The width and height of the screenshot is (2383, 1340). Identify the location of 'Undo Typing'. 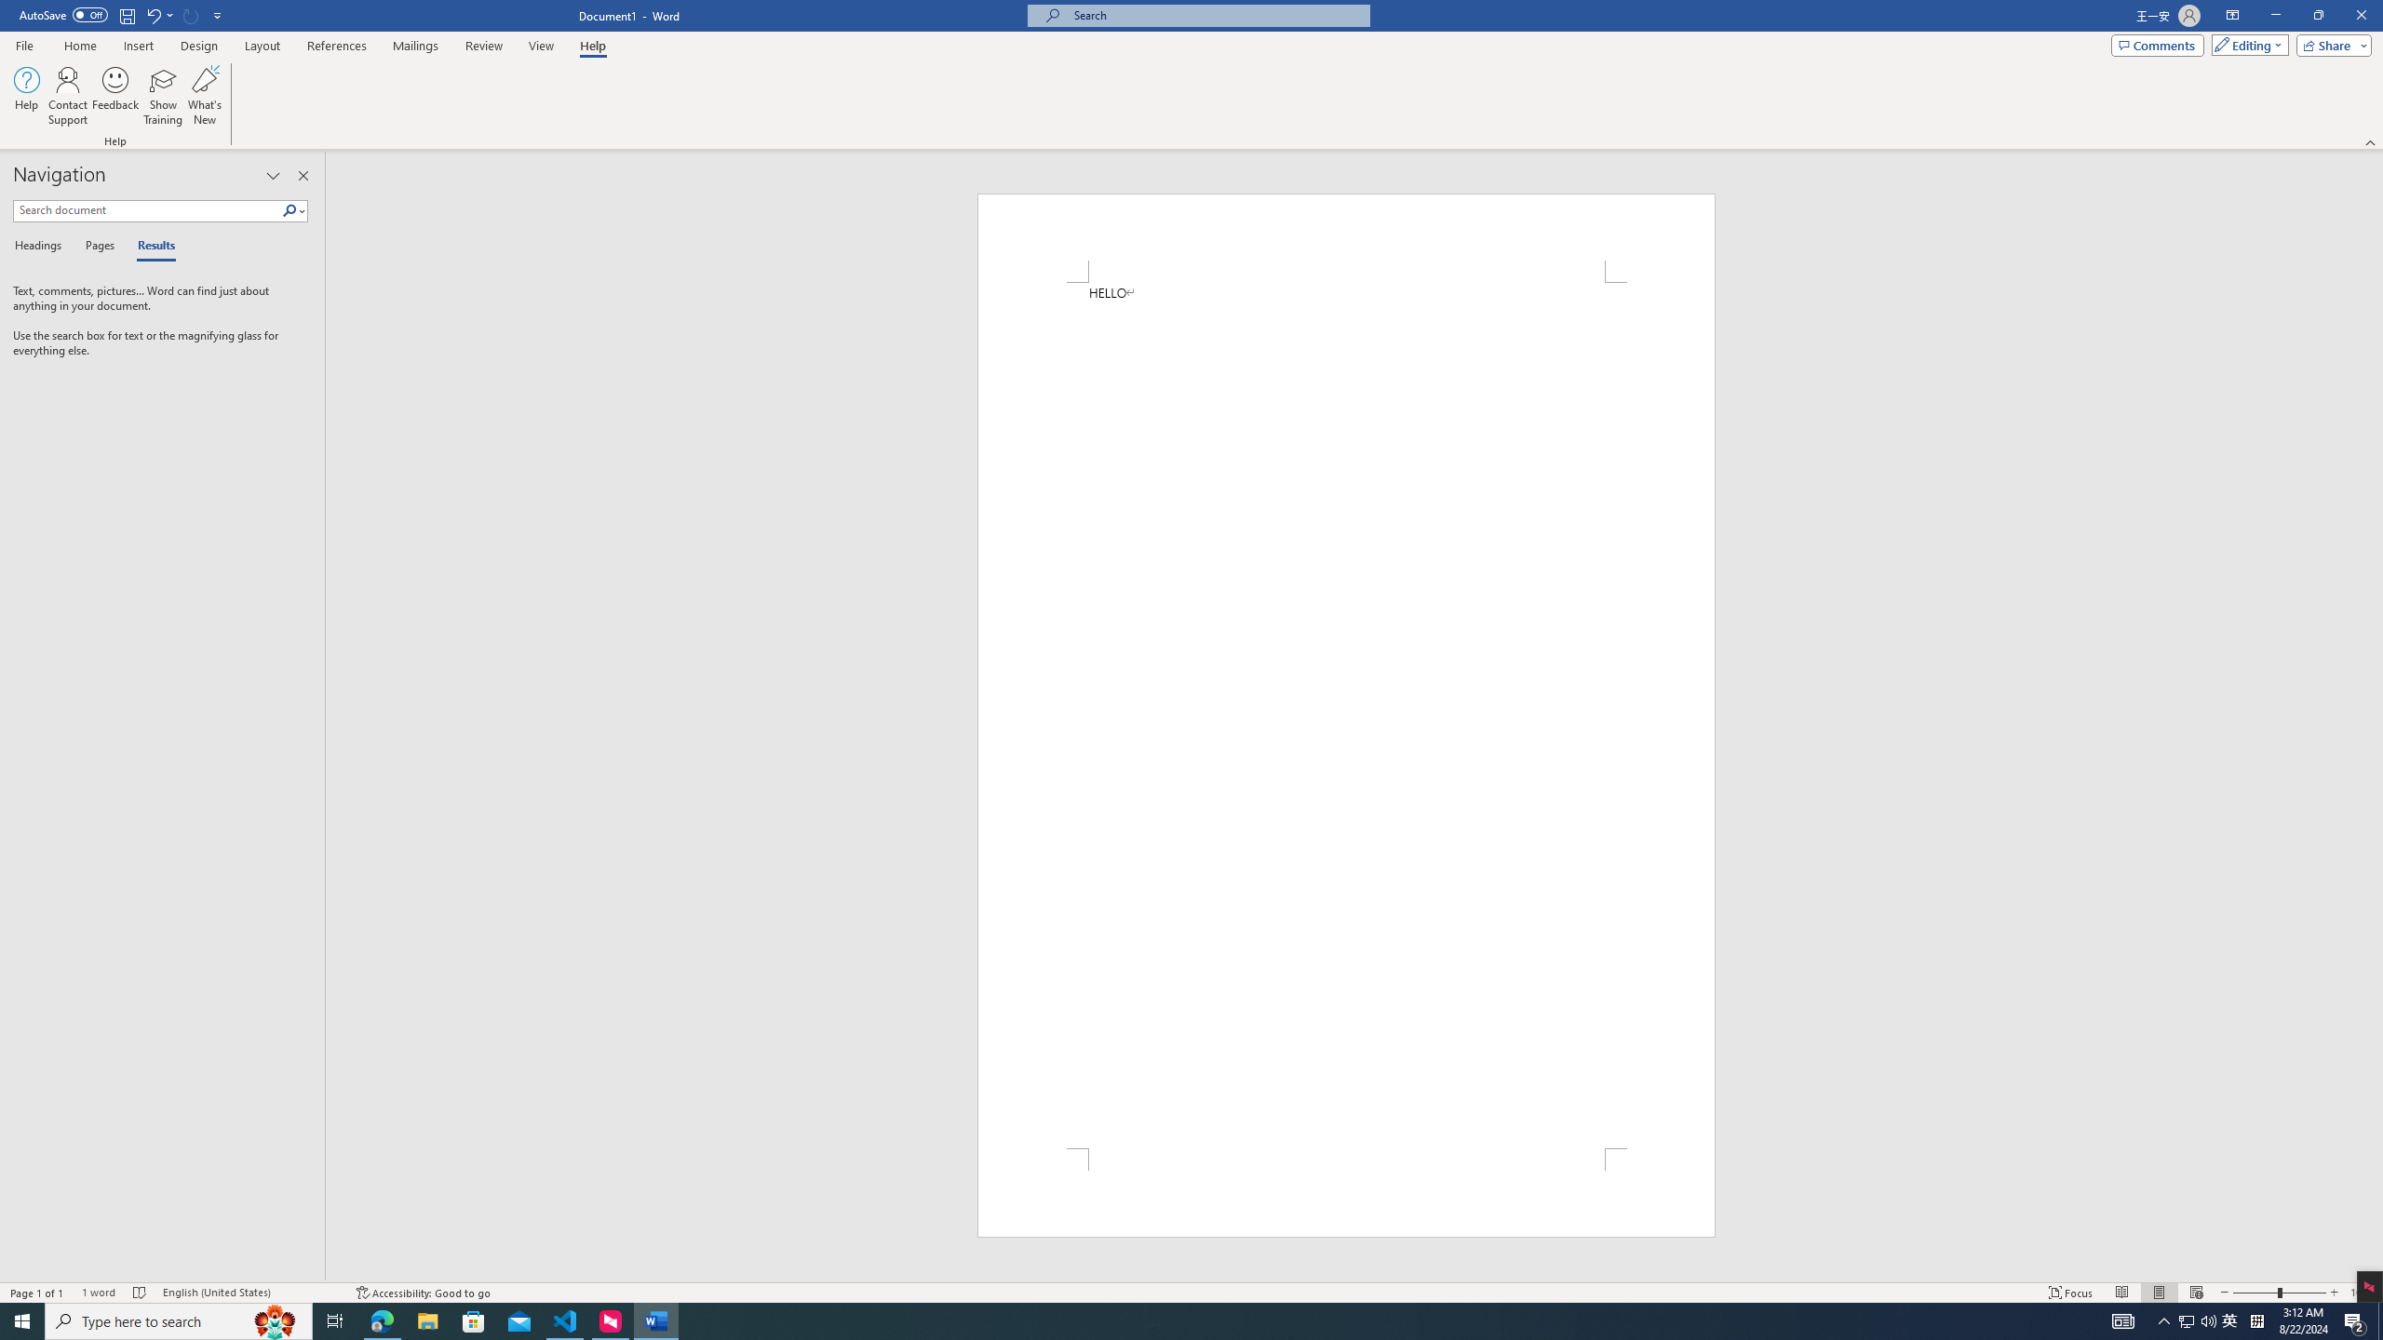
(152, 14).